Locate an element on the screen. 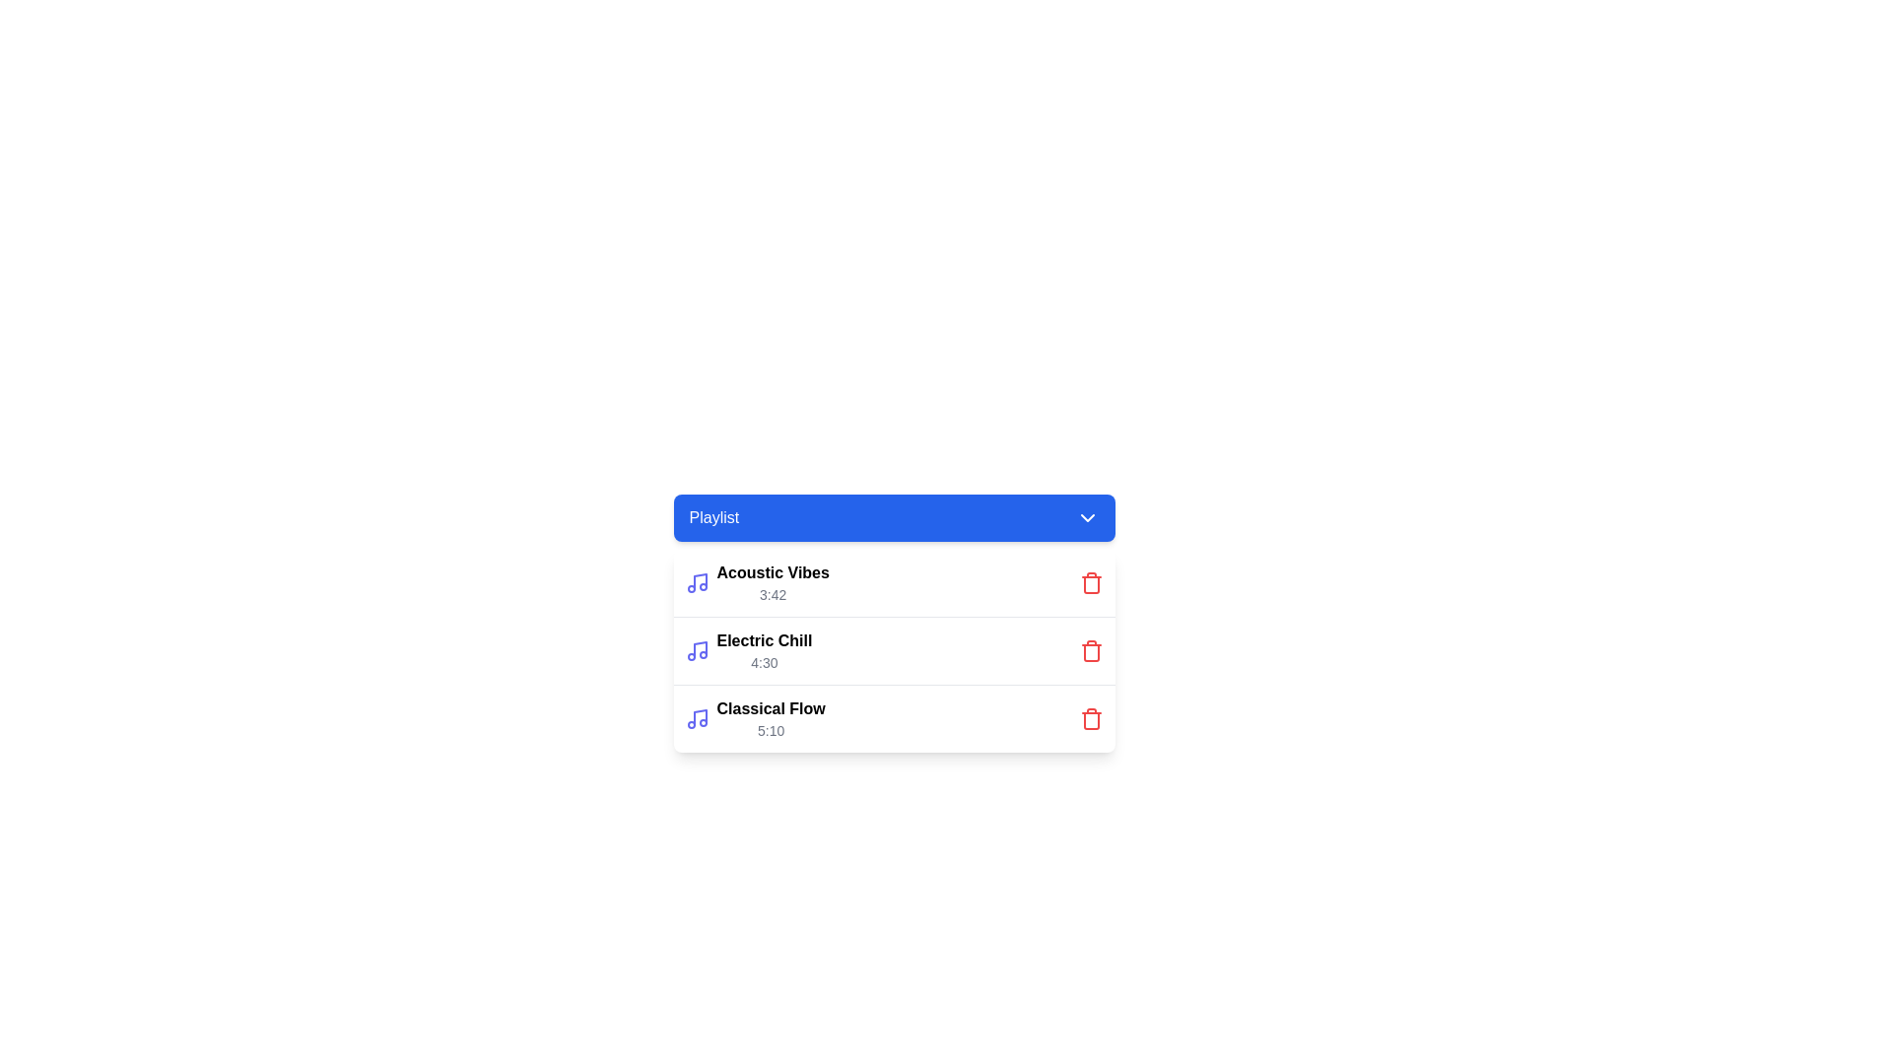 This screenshot has height=1064, width=1892. the vibrant indigo music note icon located to the left of the text 'Acoustic Vibes' and the duration '3:42' in the first row of the playlist is located at coordinates (697, 581).